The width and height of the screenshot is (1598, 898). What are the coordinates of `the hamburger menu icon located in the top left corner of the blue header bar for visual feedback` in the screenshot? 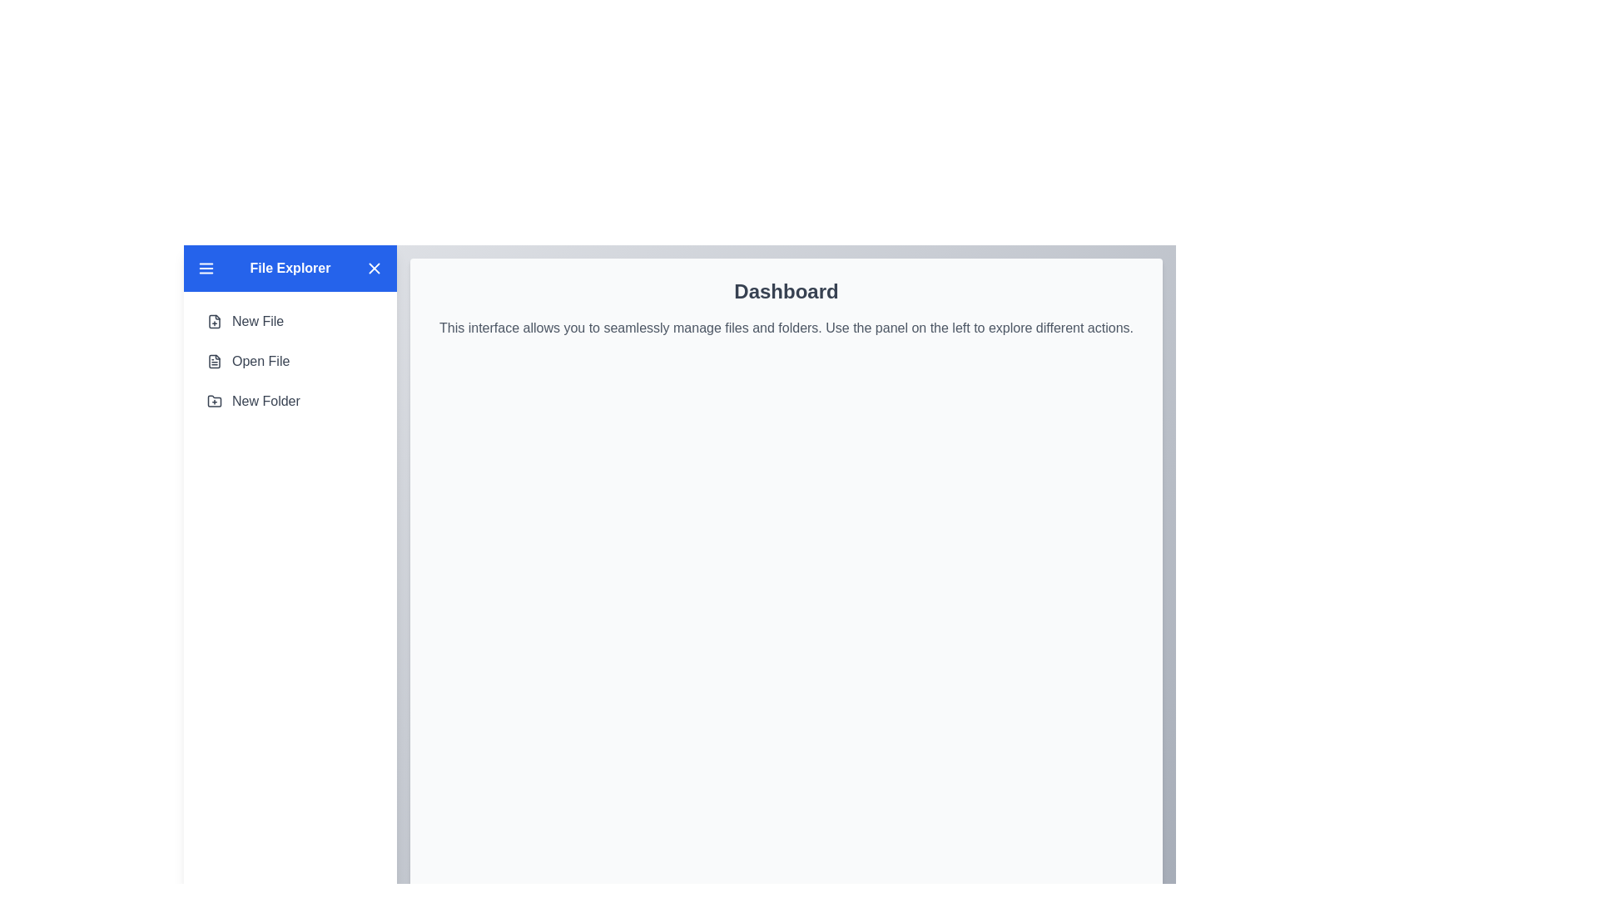 It's located at (206, 268).